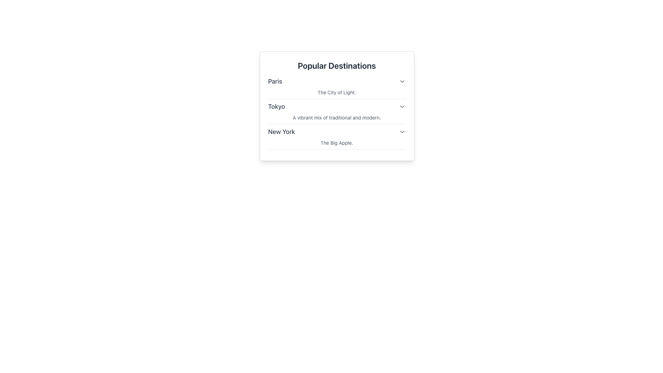 The width and height of the screenshot is (663, 373). Describe the element at coordinates (337, 87) in the screenshot. I see `the first List Item for the destination 'Paris' under the 'Popular Destinations' heading` at that location.